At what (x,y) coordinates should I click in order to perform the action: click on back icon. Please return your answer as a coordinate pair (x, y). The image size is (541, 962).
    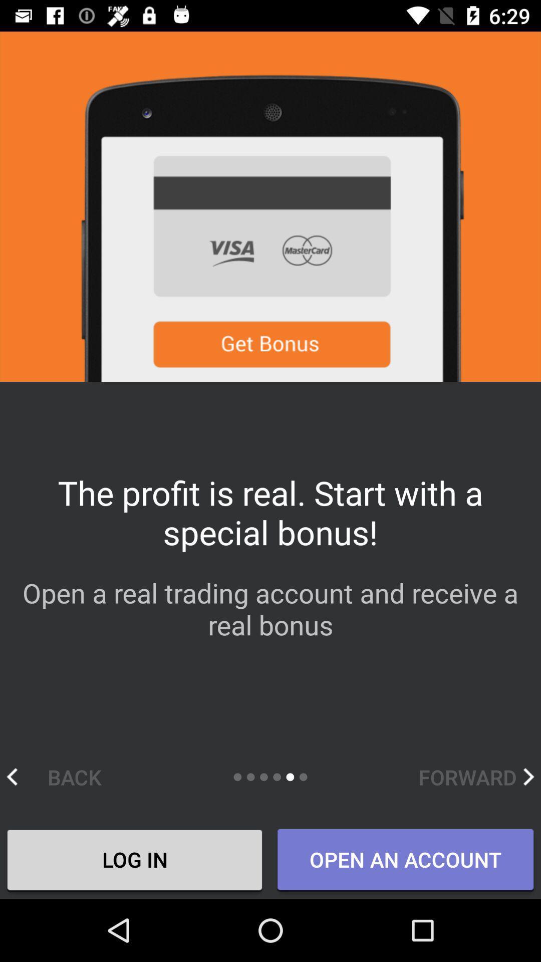
    Looking at the image, I should click on (64, 776).